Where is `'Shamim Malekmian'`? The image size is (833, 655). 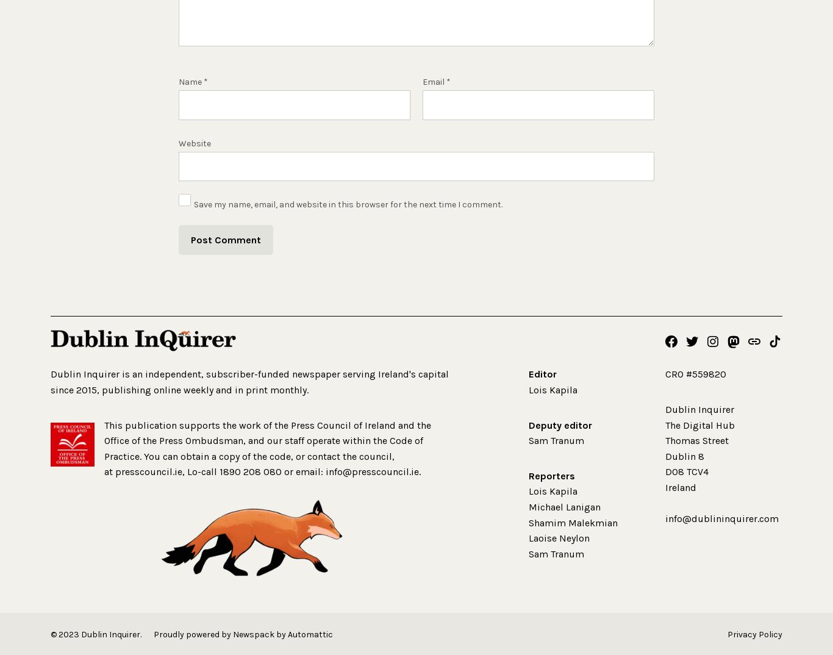 'Shamim Malekmian' is located at coordinates (528, 522).